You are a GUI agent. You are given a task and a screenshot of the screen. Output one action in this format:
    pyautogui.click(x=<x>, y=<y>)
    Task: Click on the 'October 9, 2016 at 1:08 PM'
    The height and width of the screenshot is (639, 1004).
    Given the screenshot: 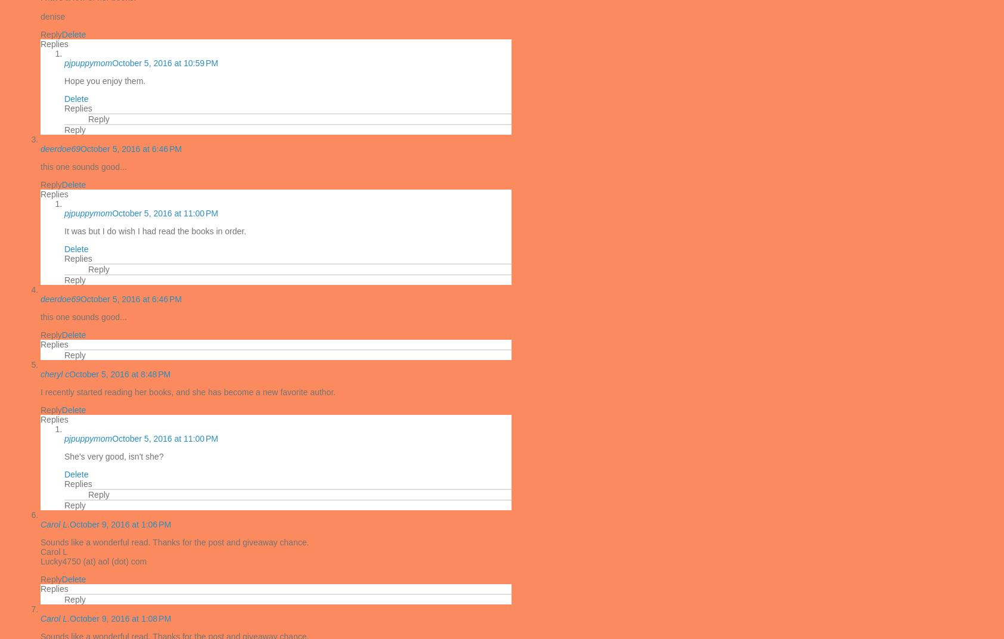 What is the action you would take?
    pyautogui.click(x=69, y=619)
    